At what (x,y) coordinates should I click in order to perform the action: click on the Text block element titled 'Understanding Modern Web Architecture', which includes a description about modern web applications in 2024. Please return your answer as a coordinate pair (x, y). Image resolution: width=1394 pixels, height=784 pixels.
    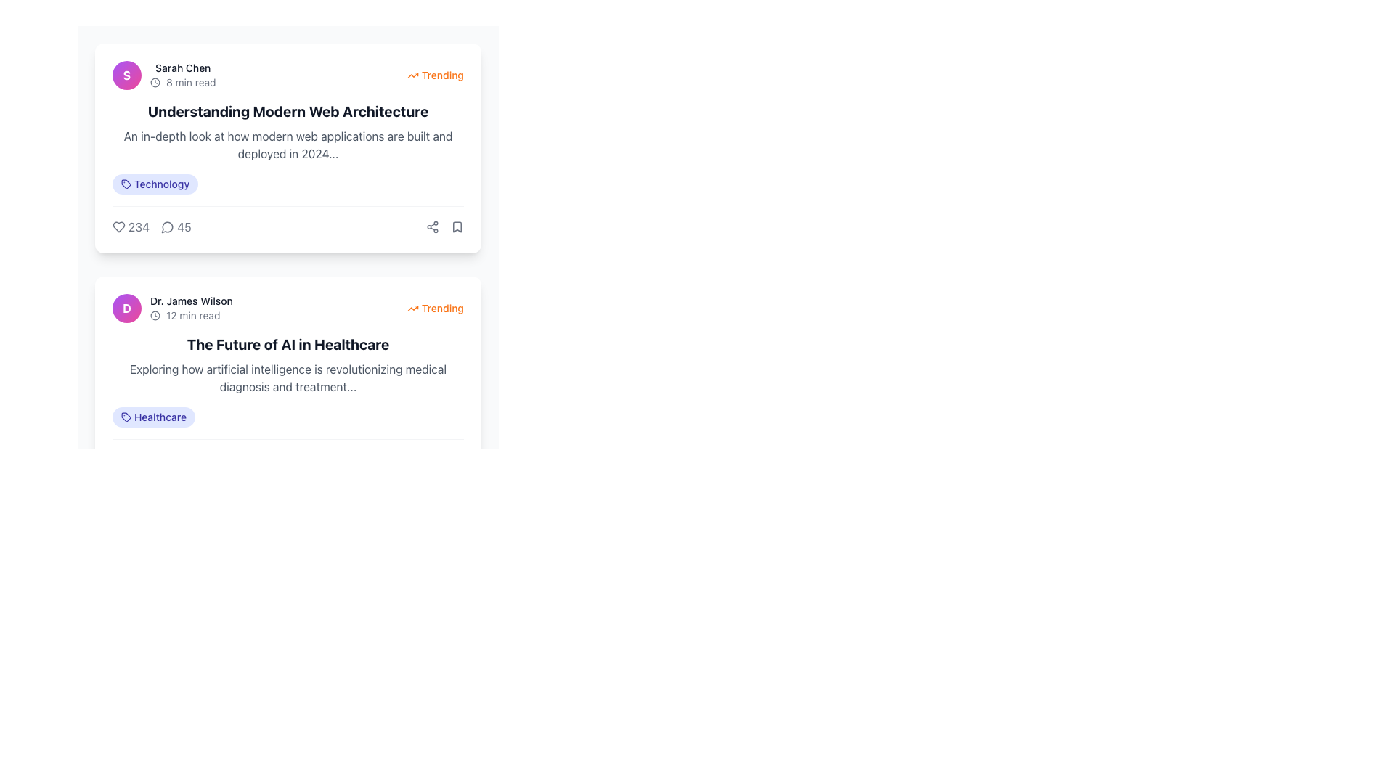
    Looking at the image, I should click on (288, 131).